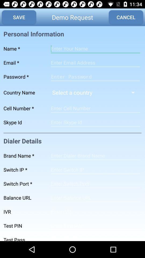  What do you see at coordinates (95, 236) in the screenshot?
I see `test pass input field` at bounding box center [95, 236].